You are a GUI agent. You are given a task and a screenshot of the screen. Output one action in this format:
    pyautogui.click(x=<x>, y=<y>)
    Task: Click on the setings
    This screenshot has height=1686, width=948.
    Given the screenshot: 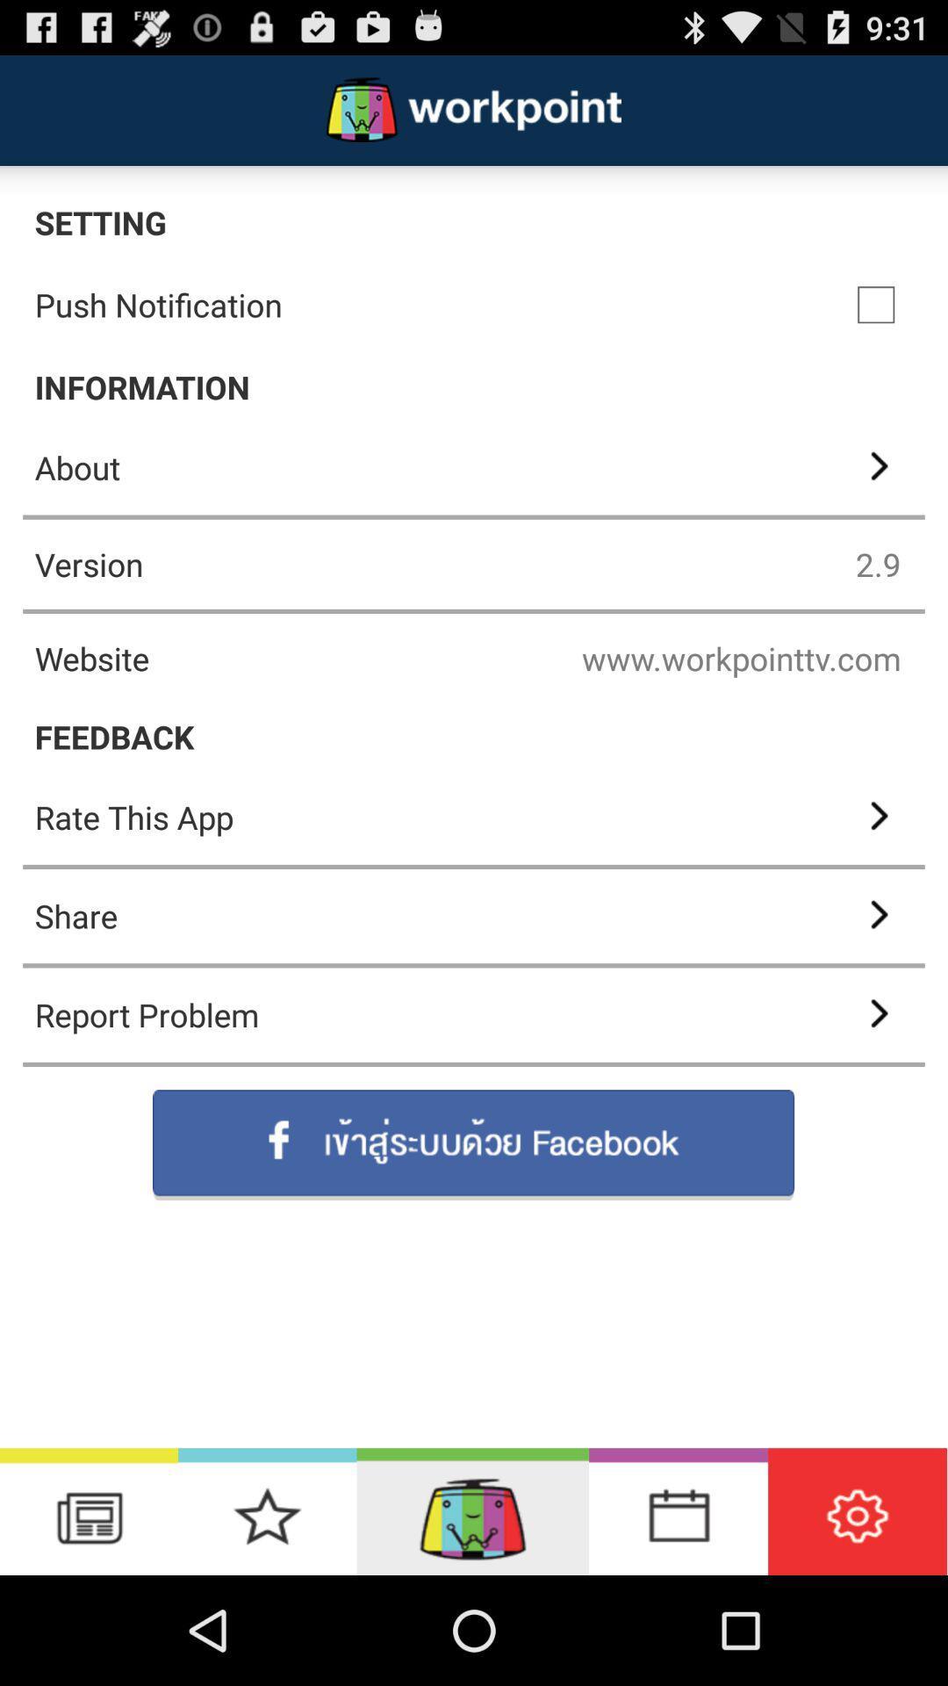 What is the action you would take?
    pyautogui.click(x=857, y=1510)
    